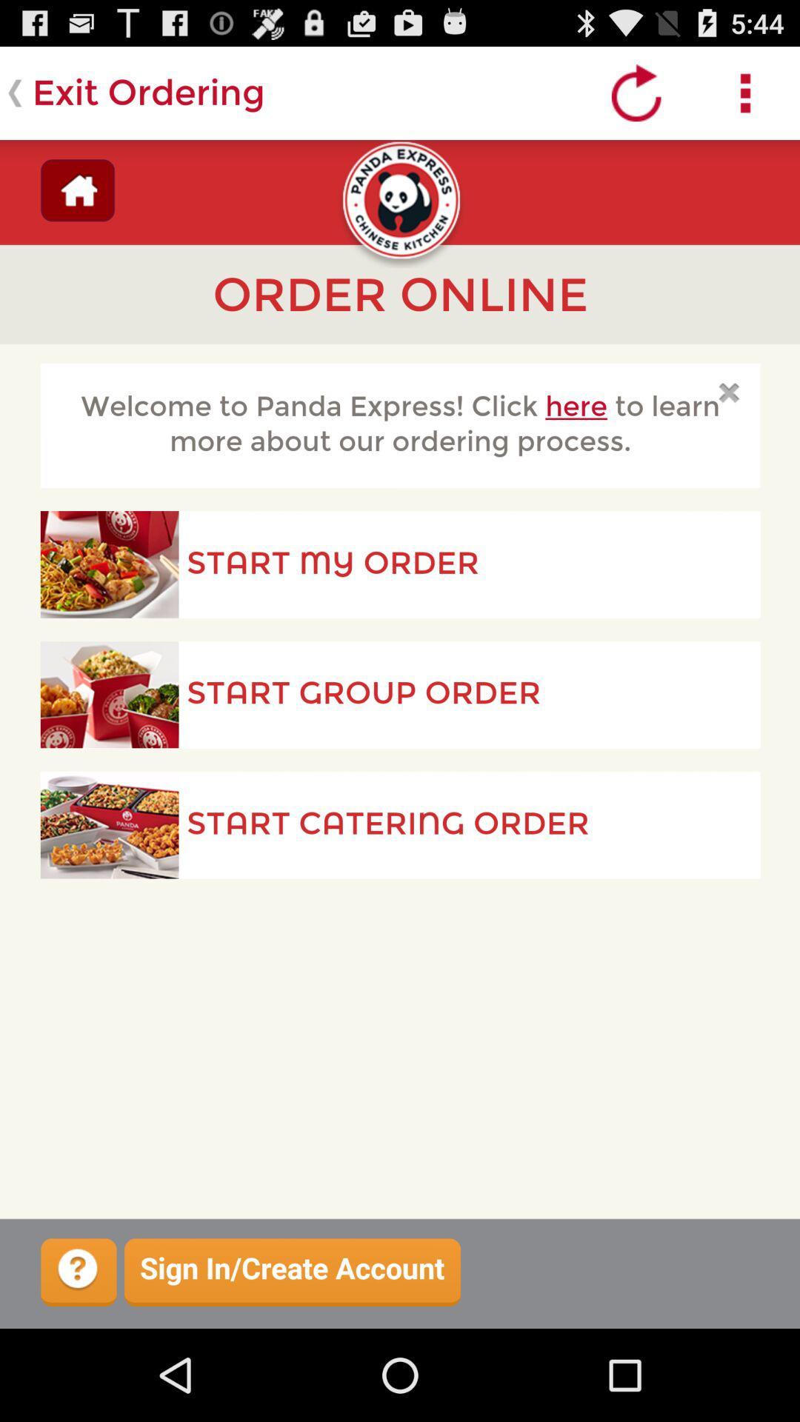 This screenshot has width=800, height=1422. I want to click on refresh, so click(636, 92).